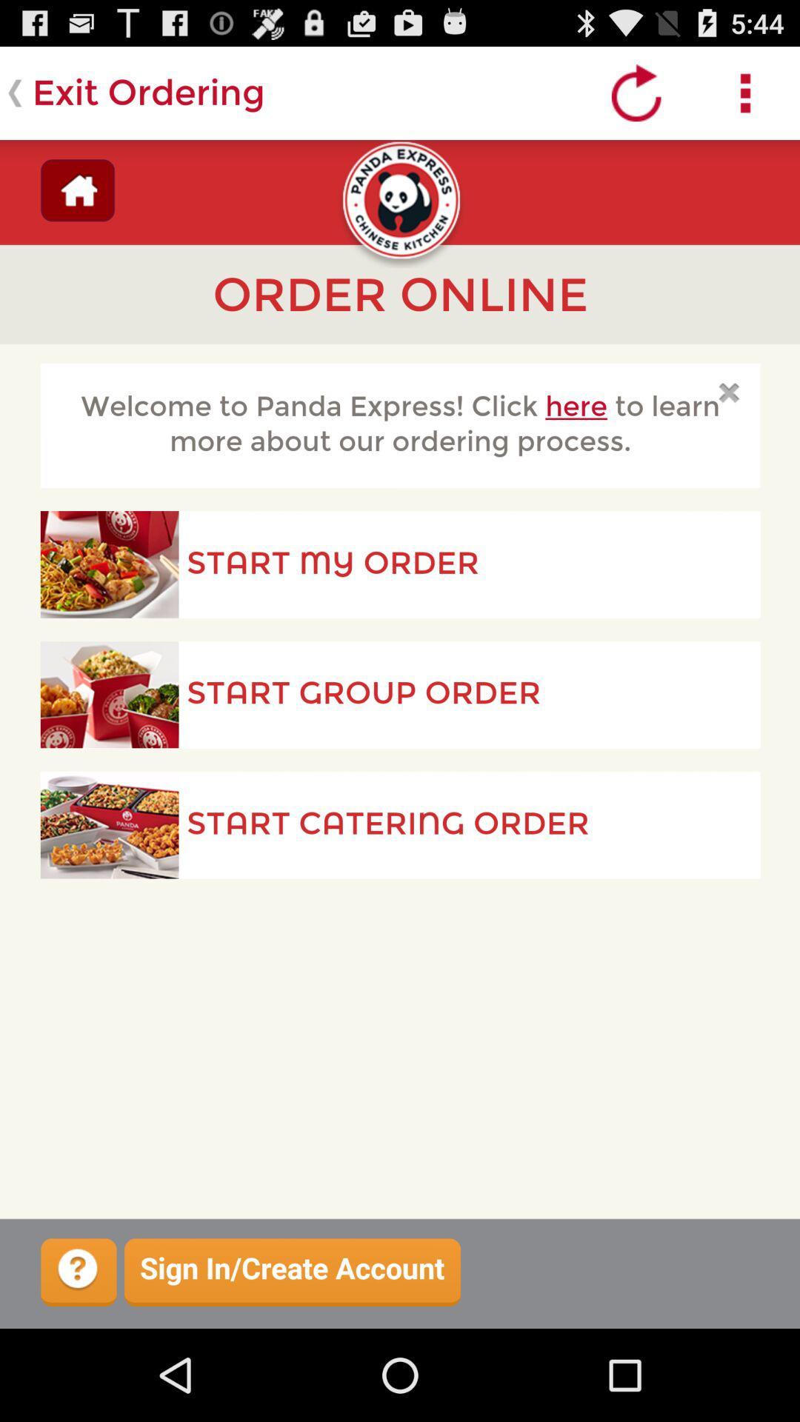 This screenshot has width=800, height=1422. I want to click on refresh, so click(636, 92).